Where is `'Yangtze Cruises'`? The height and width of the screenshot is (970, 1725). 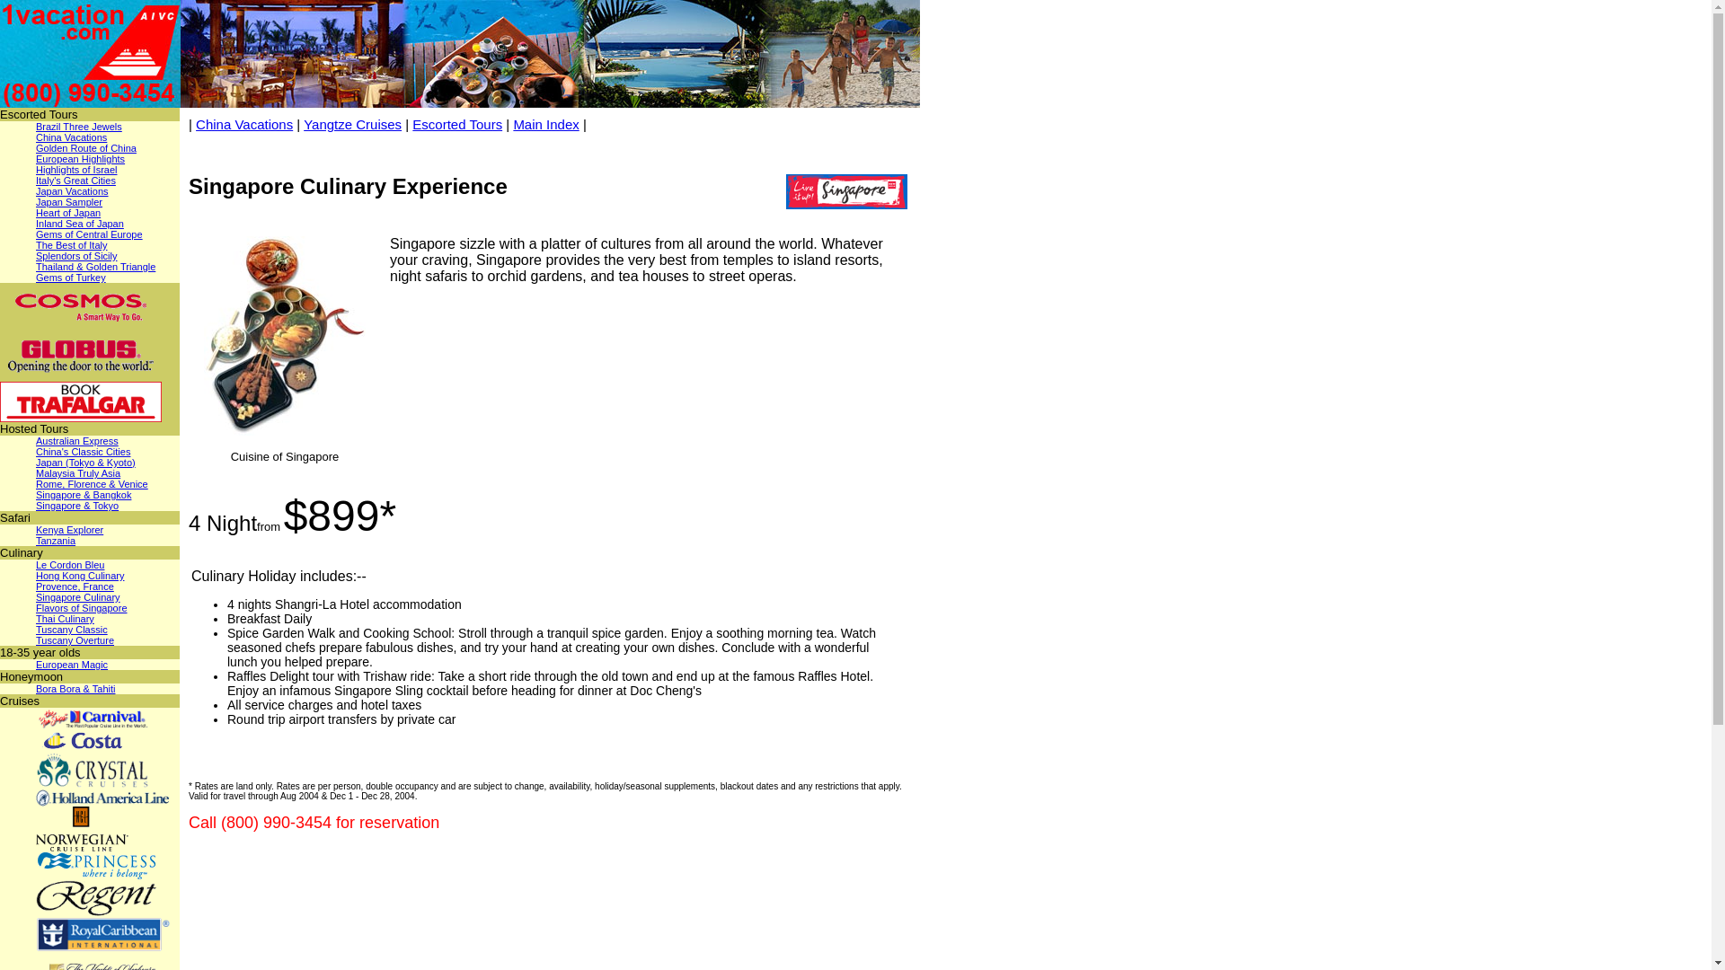 'Yangtze Cruises' is located at coordinates (352, 123).